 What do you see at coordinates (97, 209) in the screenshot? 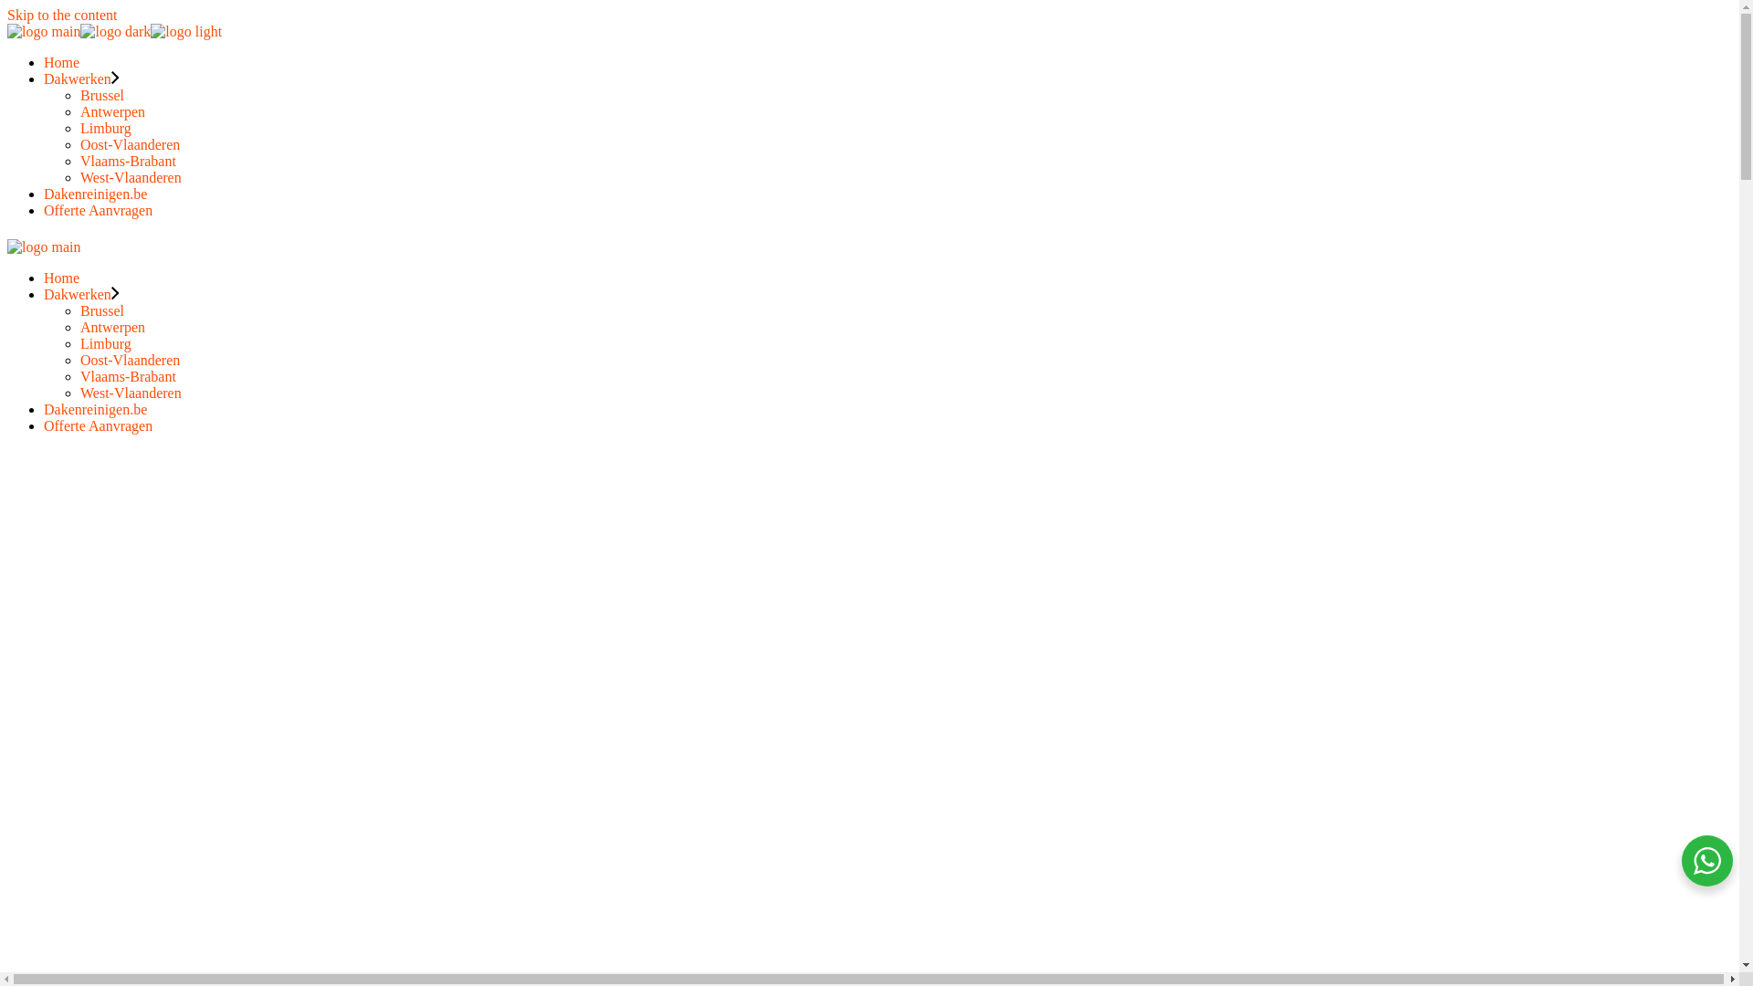
I see `'Offerte Aanvragen'` at bounding box center [97, 209].